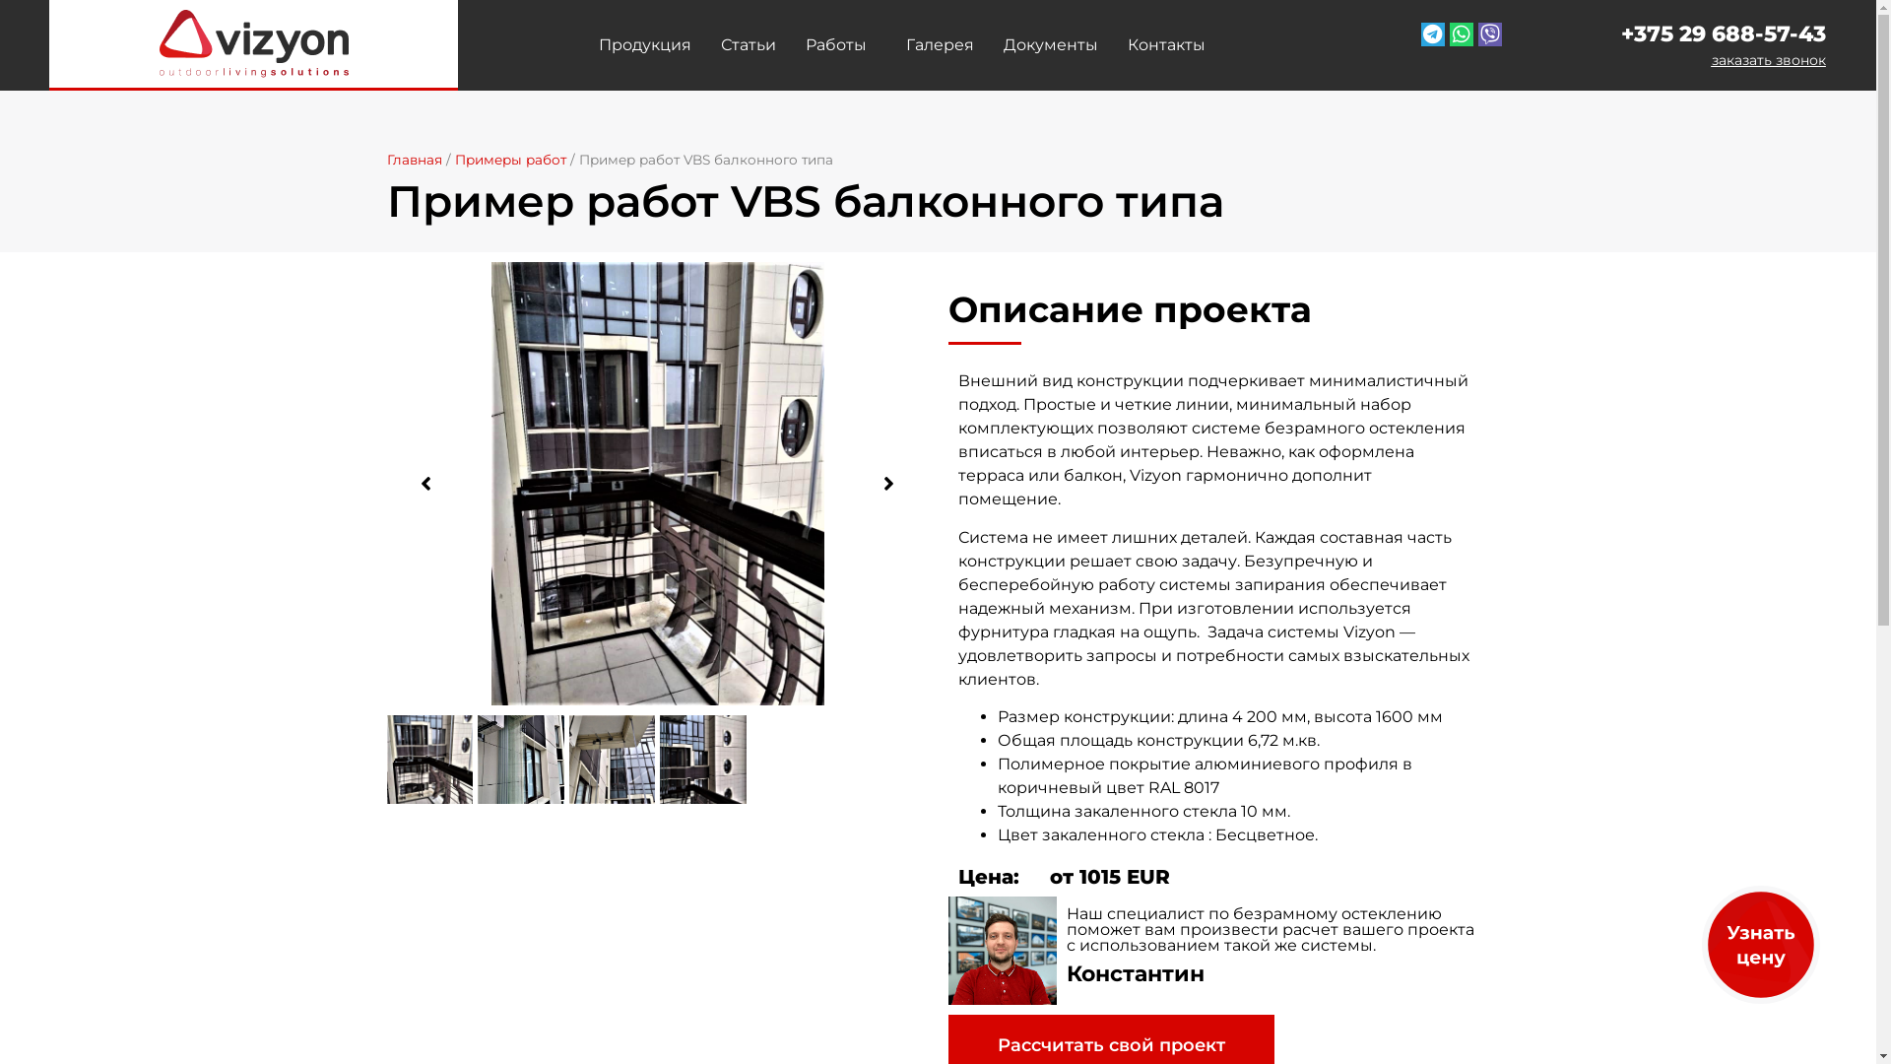  Describe the element at coordinates (1621, 33) in the screenshot. I see `'+375 29 688-57-43'` at that location.